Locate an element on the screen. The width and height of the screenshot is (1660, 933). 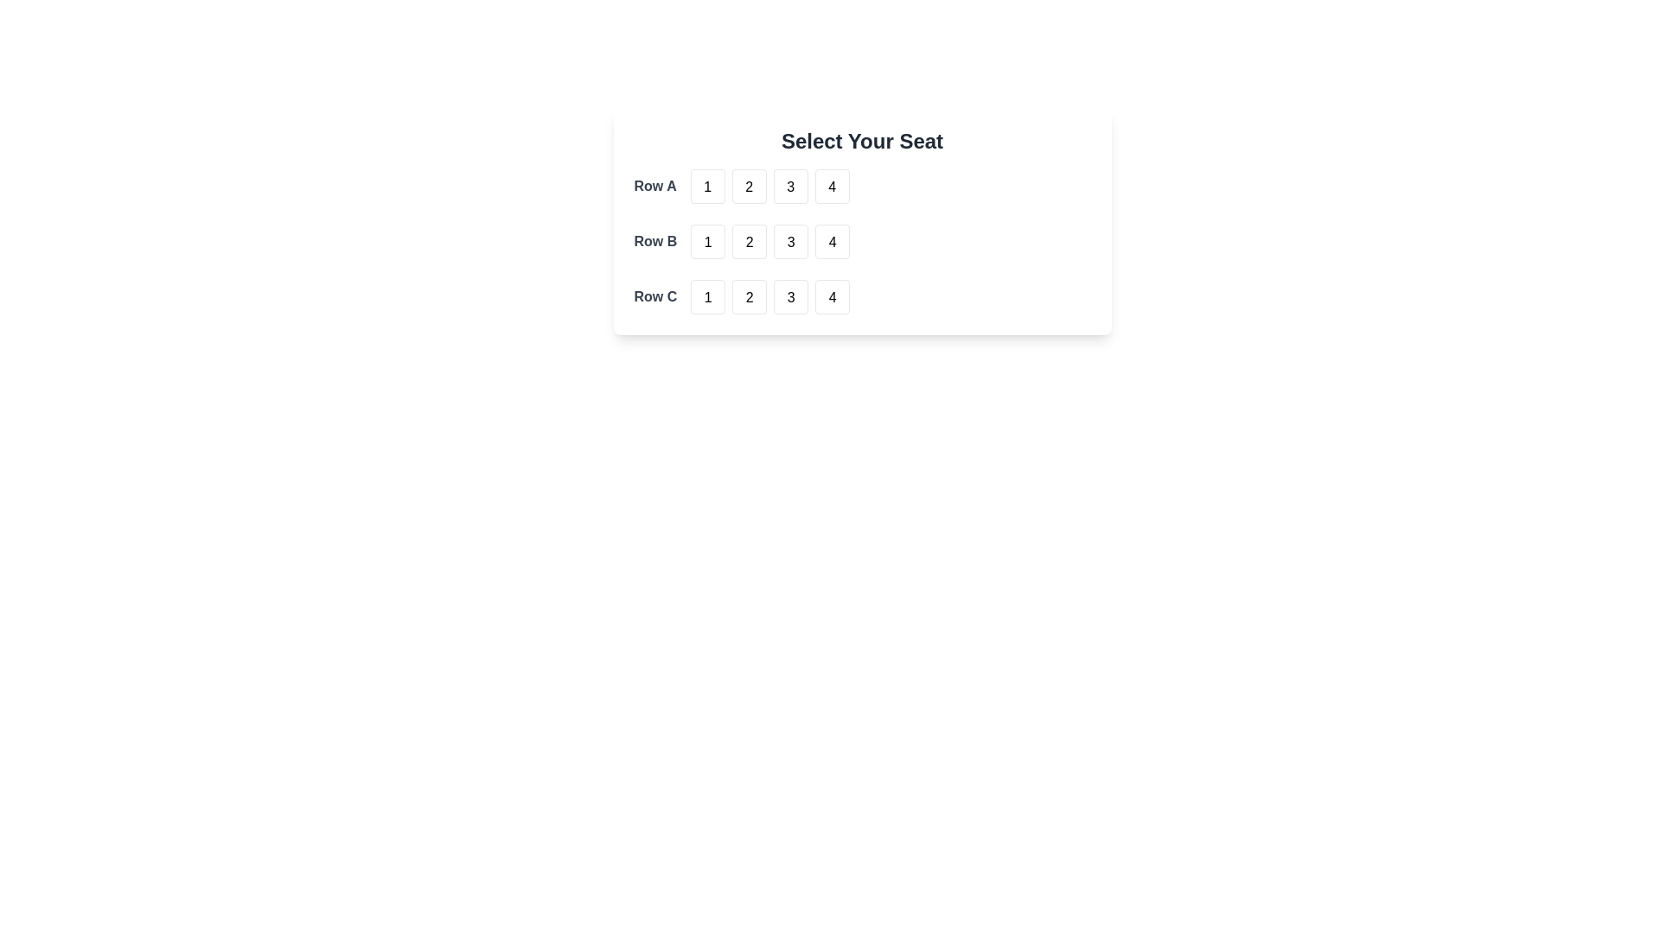
the buttons in the grouped selection interface labeled 'Row B' is located at coordinates (769, 242).